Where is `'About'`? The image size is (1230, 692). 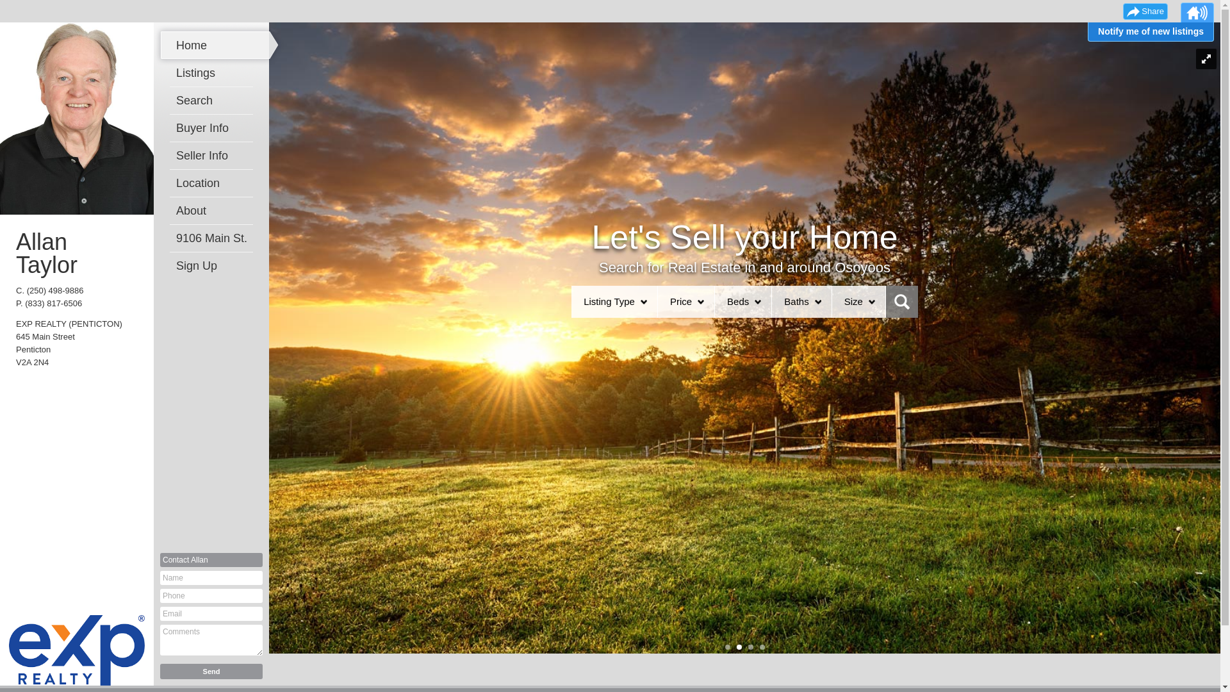
'About' is located at coordinates (175, 210).